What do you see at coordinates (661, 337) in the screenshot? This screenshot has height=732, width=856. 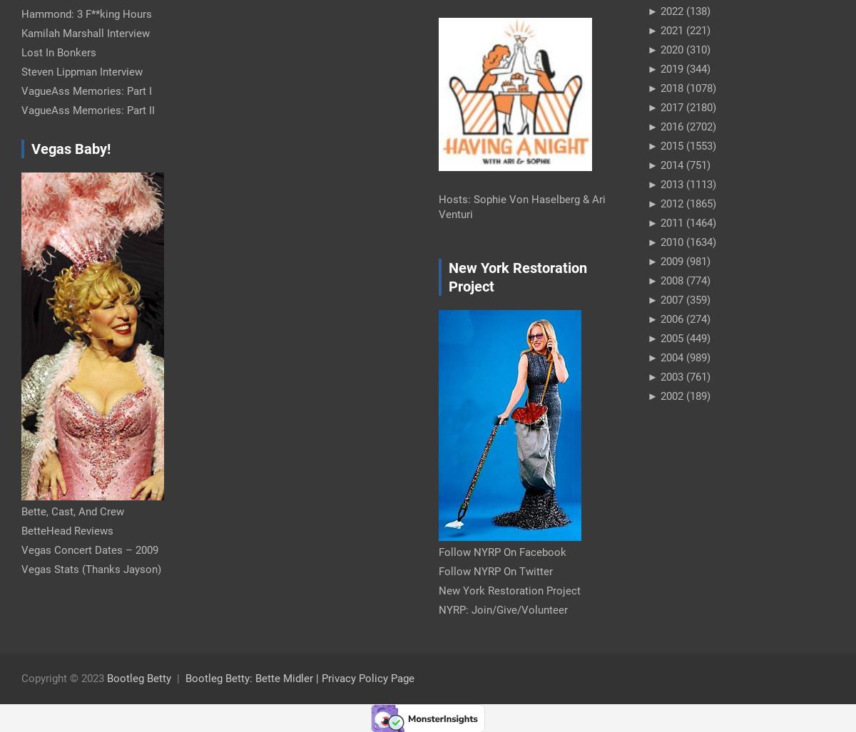 I see `'2005'` at bounding box center [661, 337].